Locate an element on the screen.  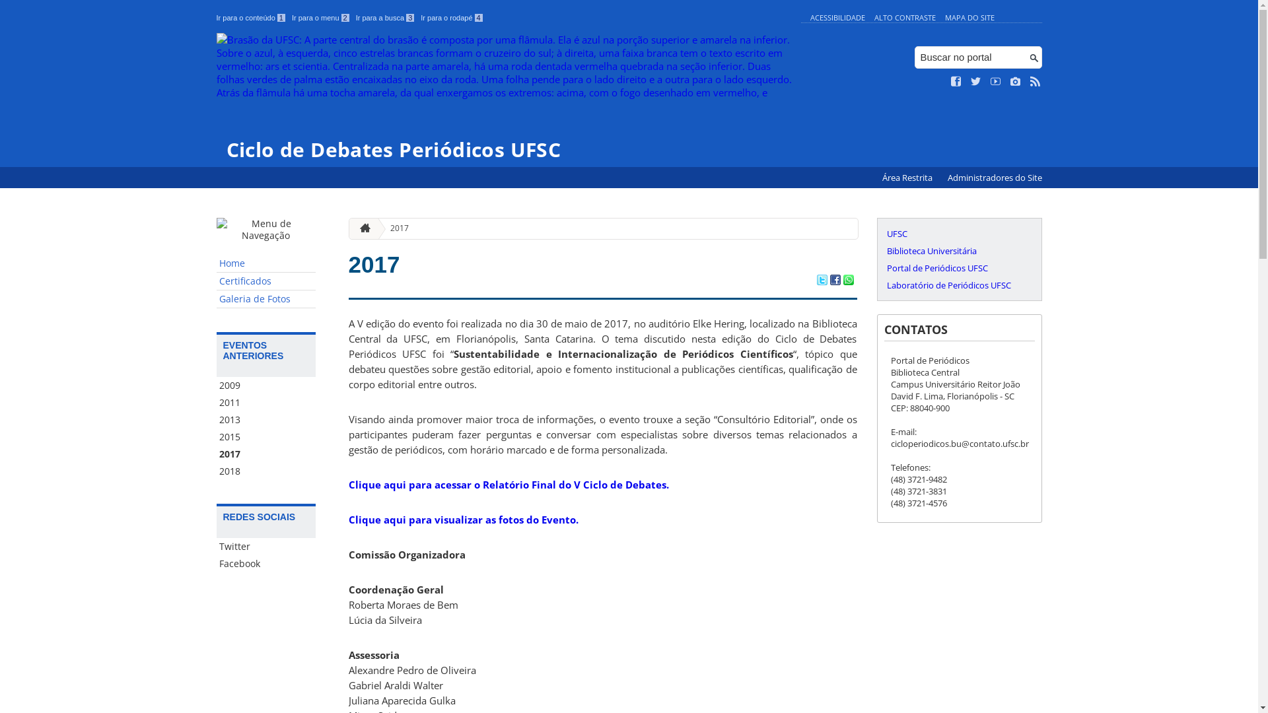
'Home' is located at coordinates (265, 263).